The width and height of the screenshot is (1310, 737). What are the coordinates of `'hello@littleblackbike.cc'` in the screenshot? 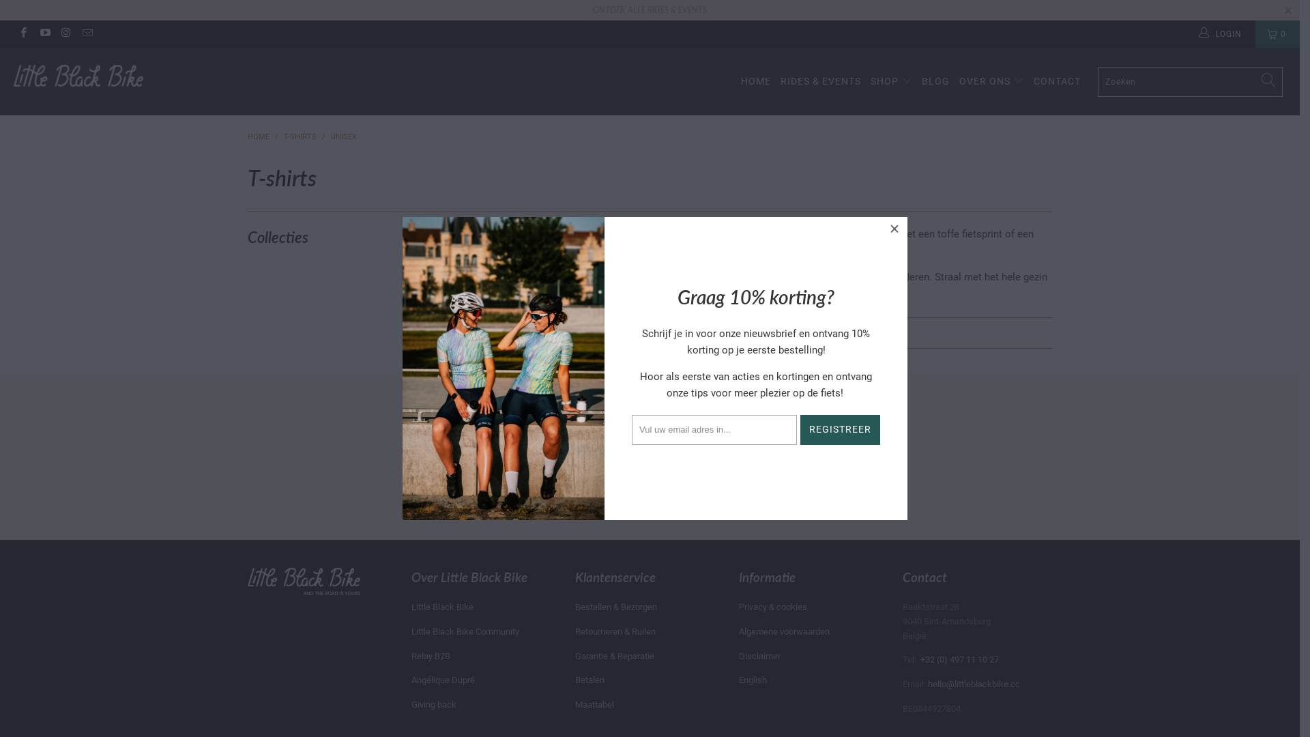 It's located at (973, 684).